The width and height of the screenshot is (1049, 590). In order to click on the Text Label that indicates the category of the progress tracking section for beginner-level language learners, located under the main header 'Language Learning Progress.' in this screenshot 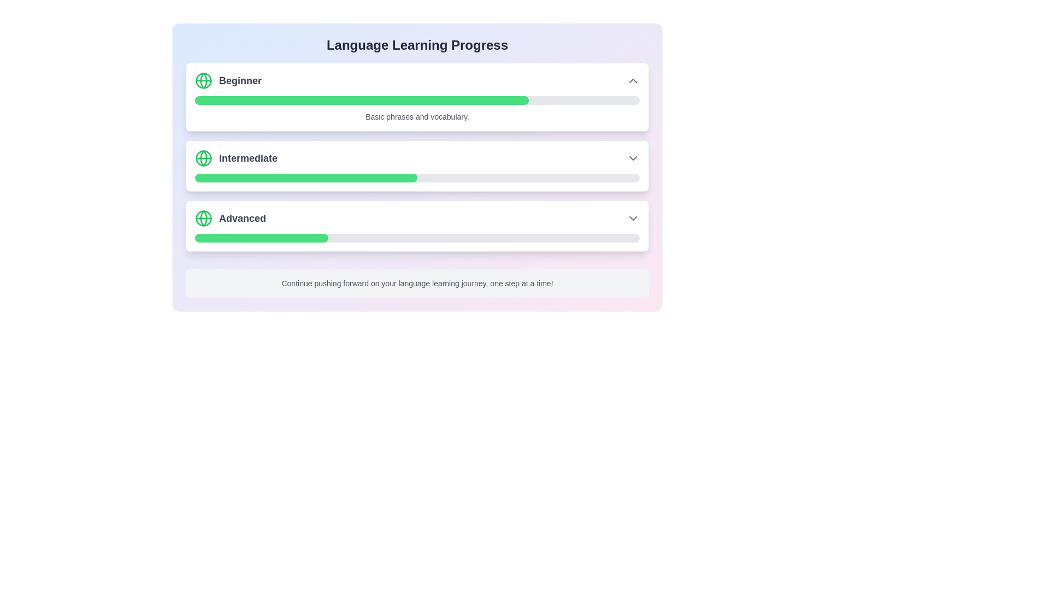, I will do `click(240, 80)`.